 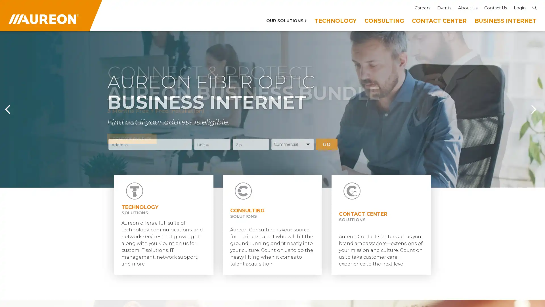 What do you see at coordinates (535, 109) in the screenshot?
I see `Next` at bounding box center [535, 109].